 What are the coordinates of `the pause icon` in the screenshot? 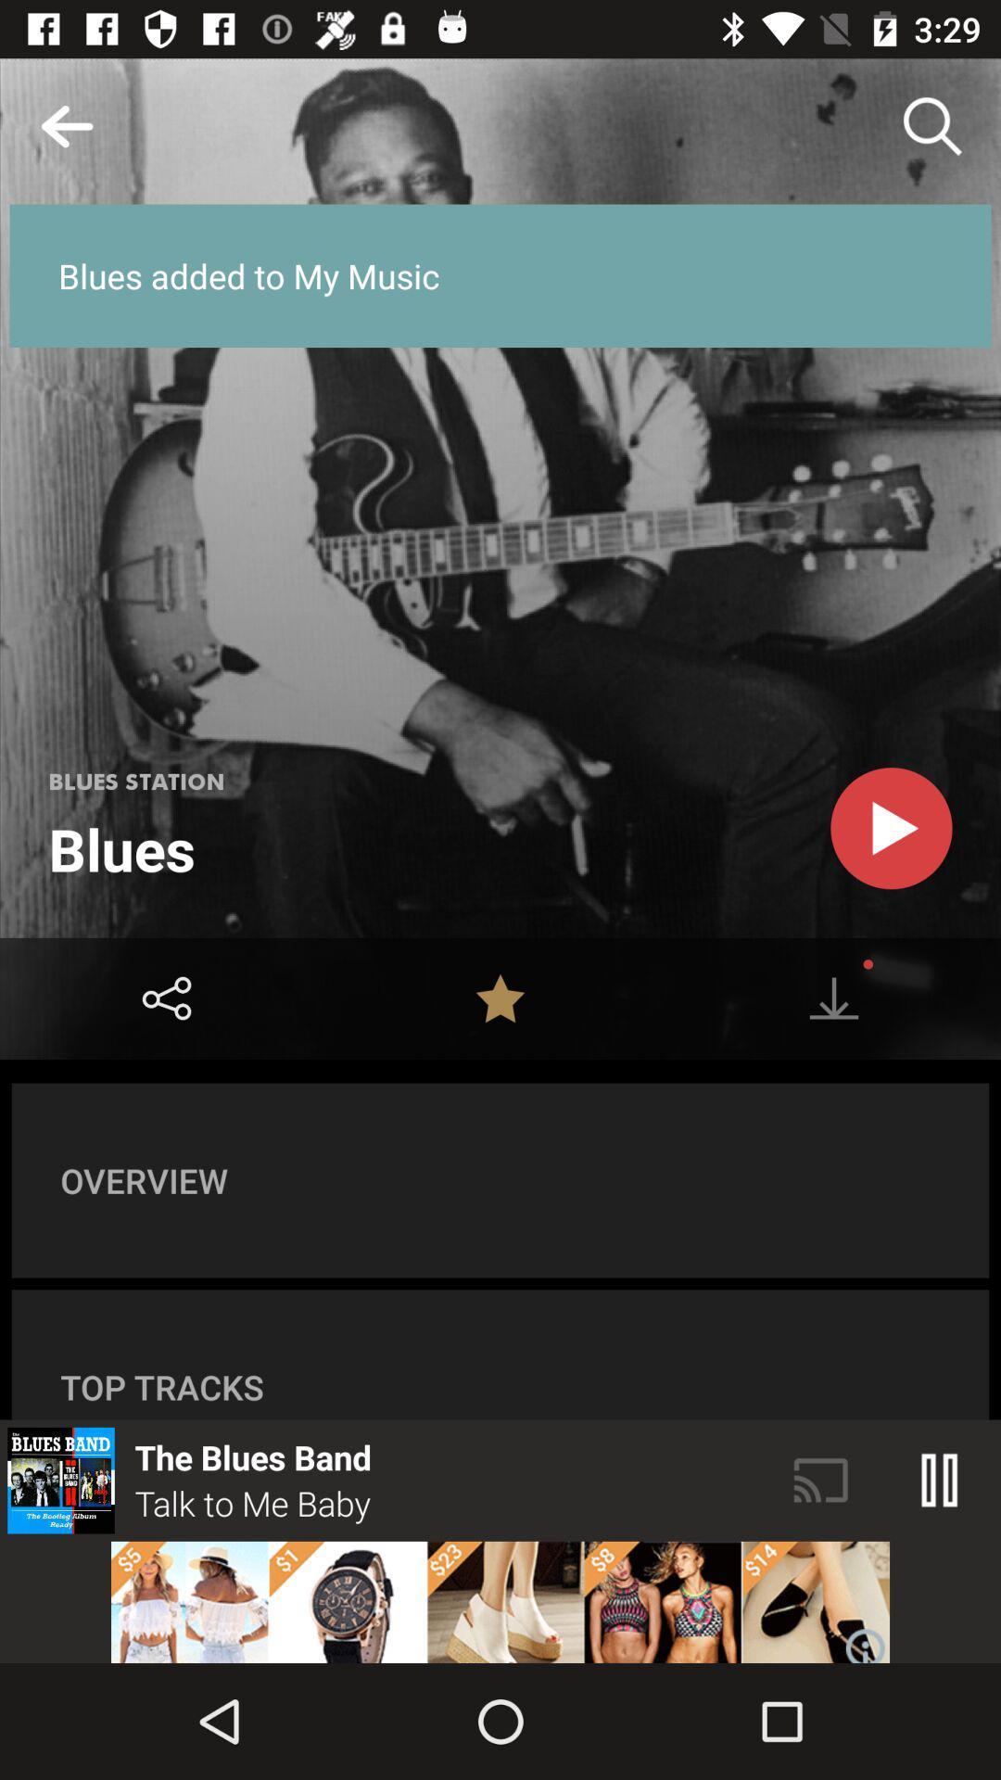 It's located at (940, 1480).